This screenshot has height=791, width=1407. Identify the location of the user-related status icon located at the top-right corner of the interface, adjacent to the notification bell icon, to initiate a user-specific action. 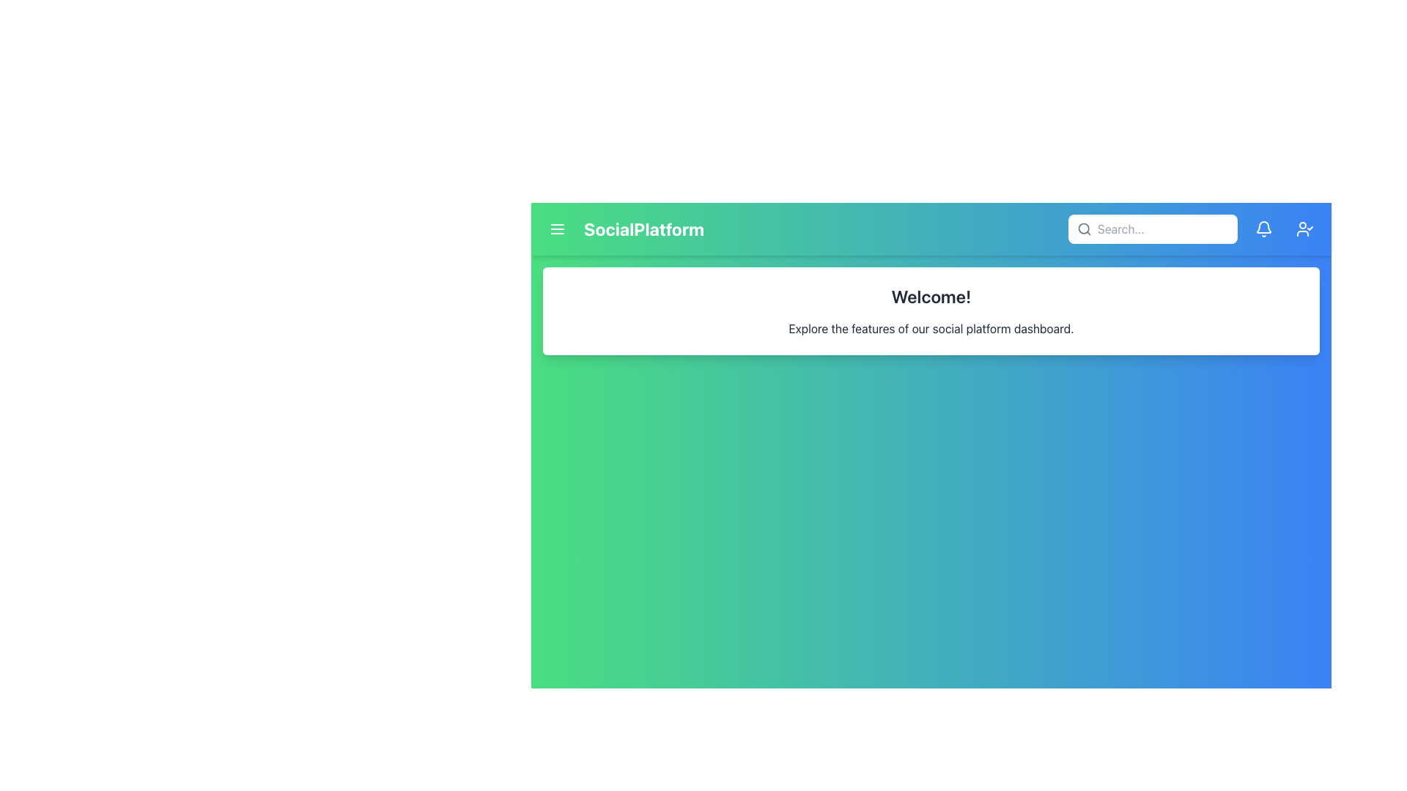
(1304, 229).